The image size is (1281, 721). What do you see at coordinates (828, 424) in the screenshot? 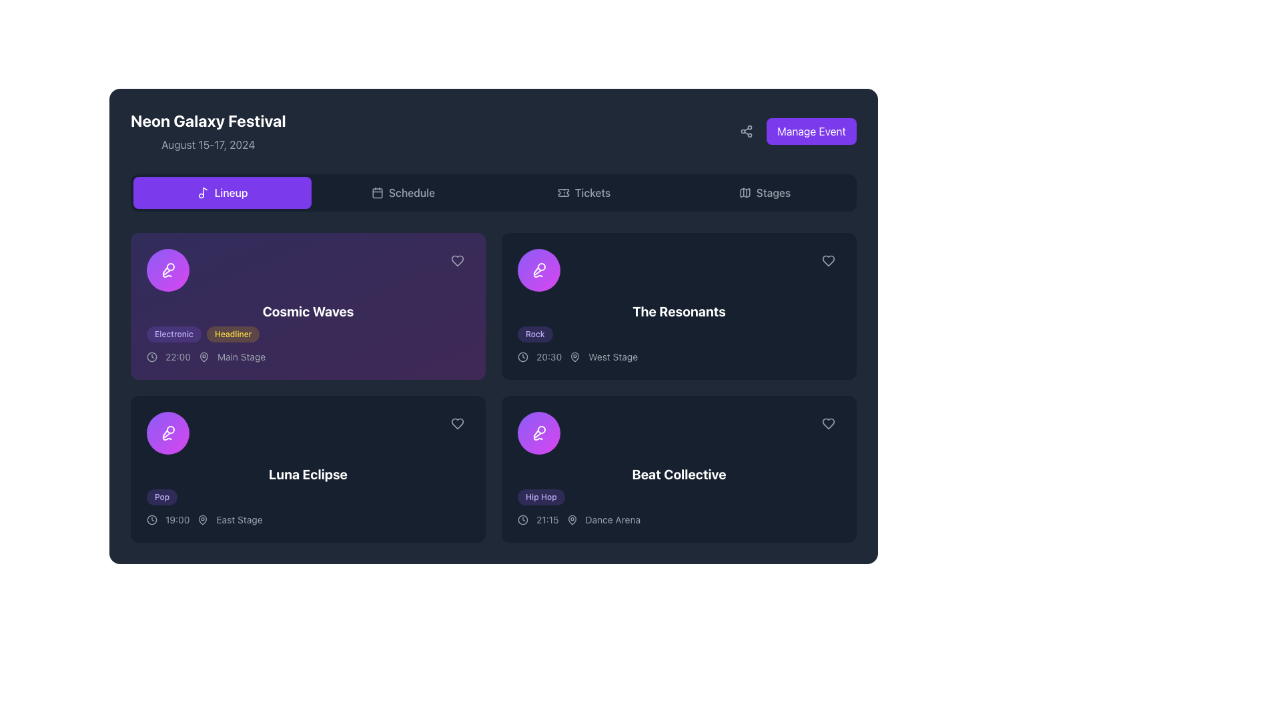
I see `the heart button in the top-right corner of the 'Beat Collective' event card` at bounding box center [828, 424].